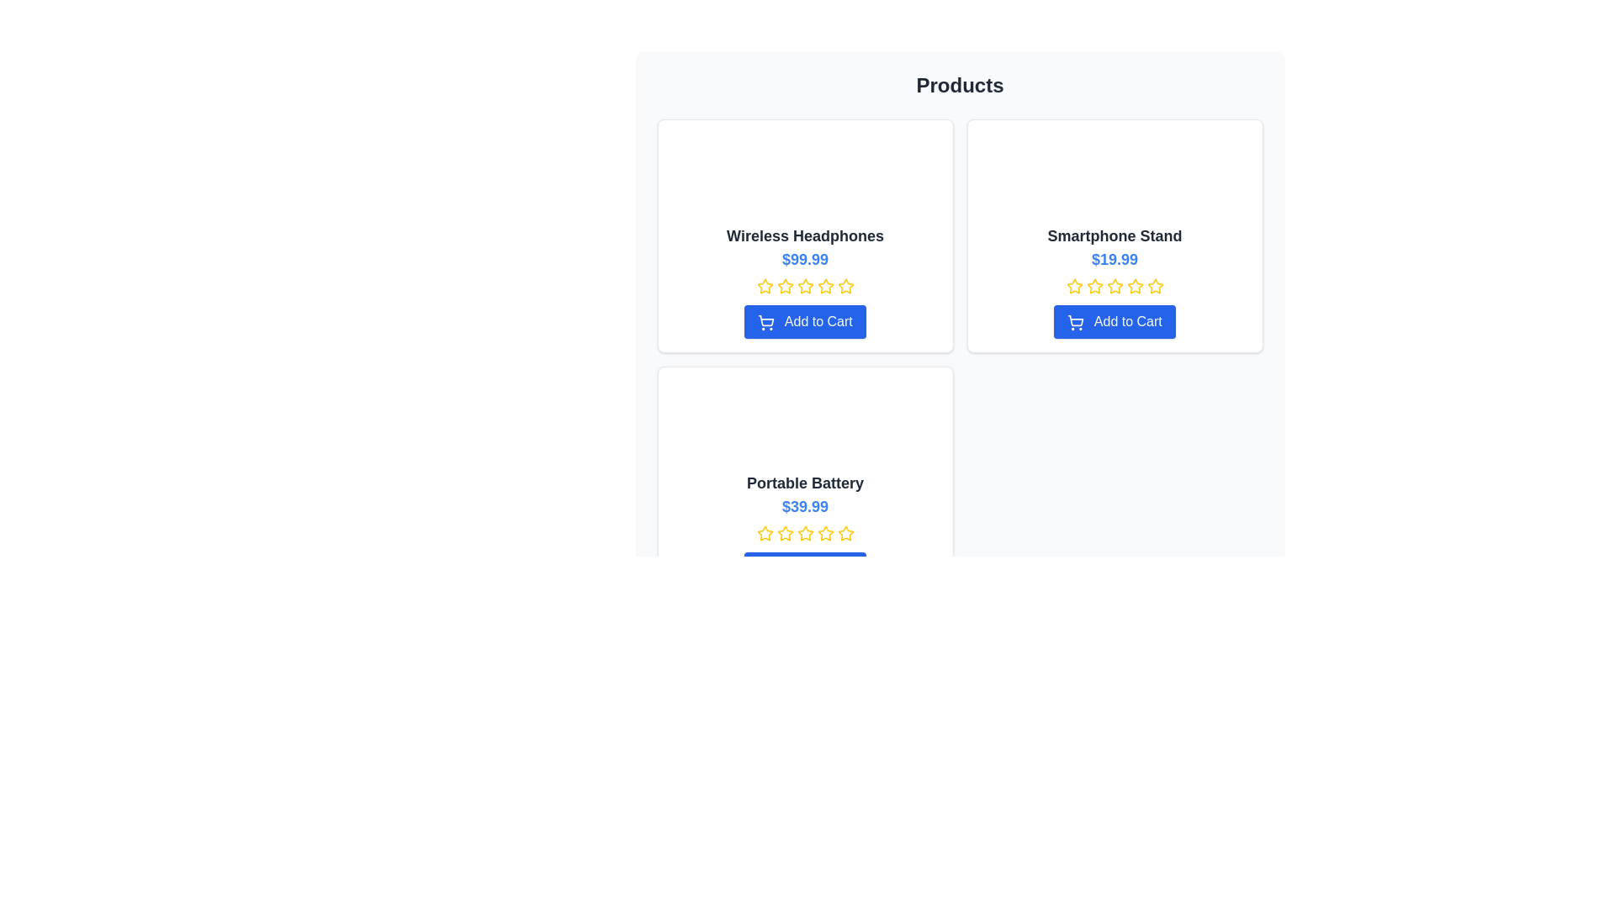 The width and height of the screenshot is (1615, 908). What do you see at coordinates (804, 534) in the screenshot?
I see `the third star in the Interactive Rating Star element located in the product card for 'Portable Battery', positioned below the price label '$39.99' and above the 'Add to Cart' button to give a rating` at bounding box center [804, 534].